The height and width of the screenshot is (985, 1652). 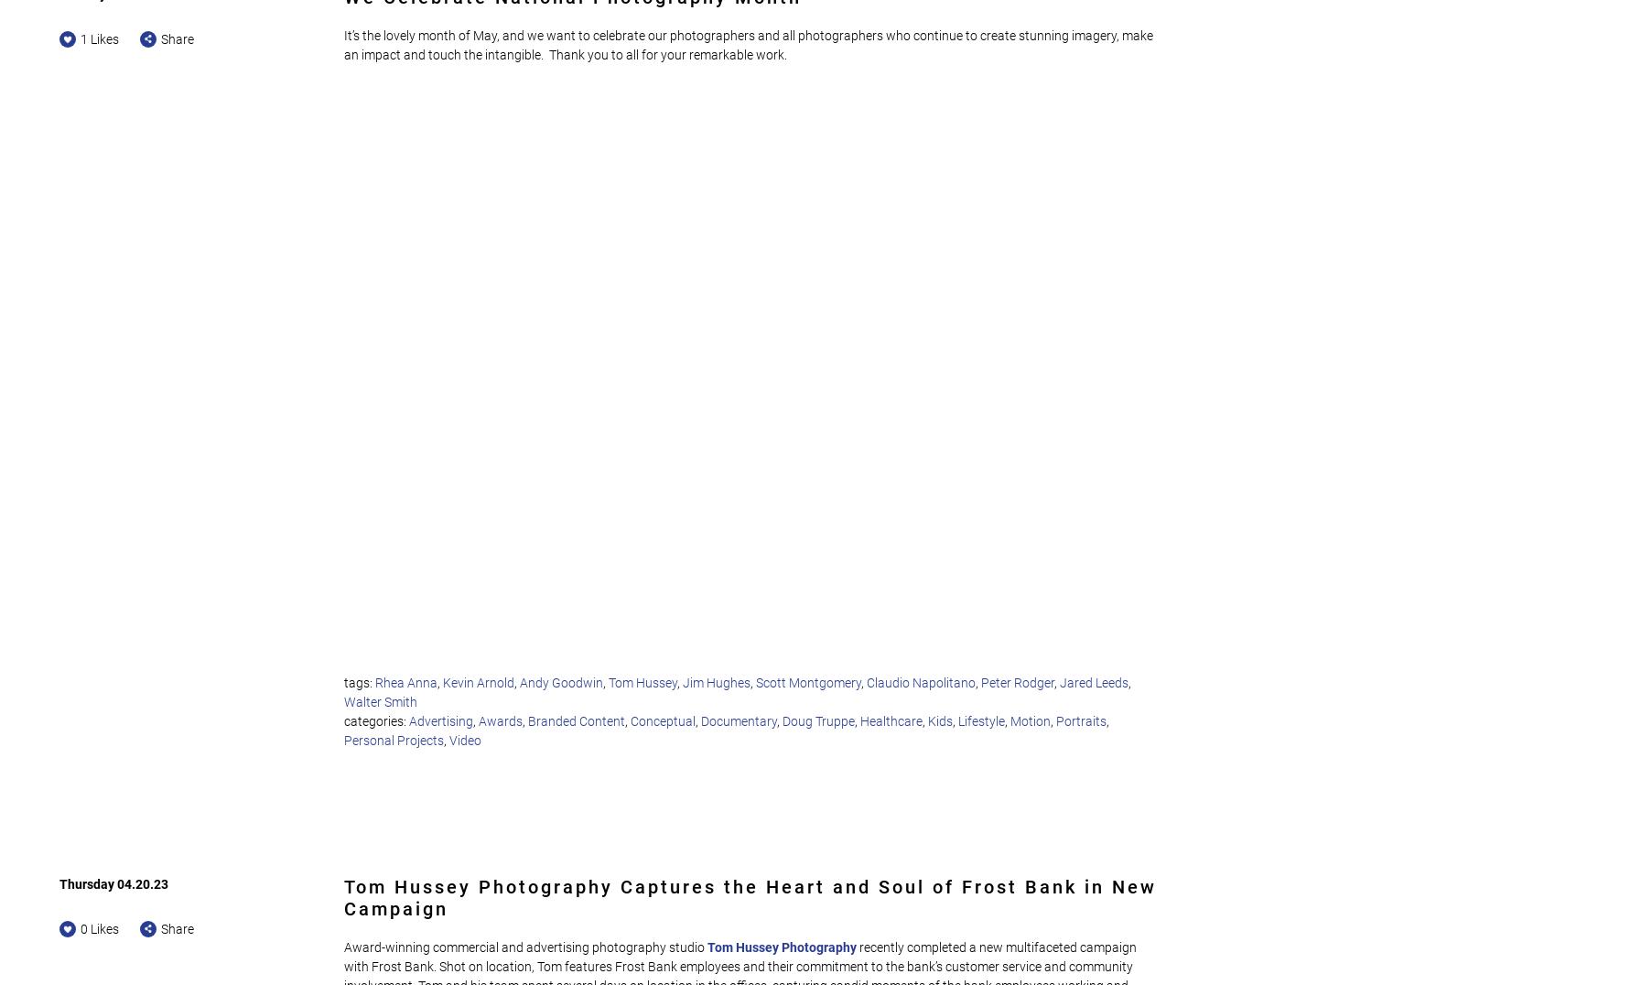 What do you see at coordinates (576, 720) in the screenshot?
I see `'Branded Content'` at bounding box center [576, 720].